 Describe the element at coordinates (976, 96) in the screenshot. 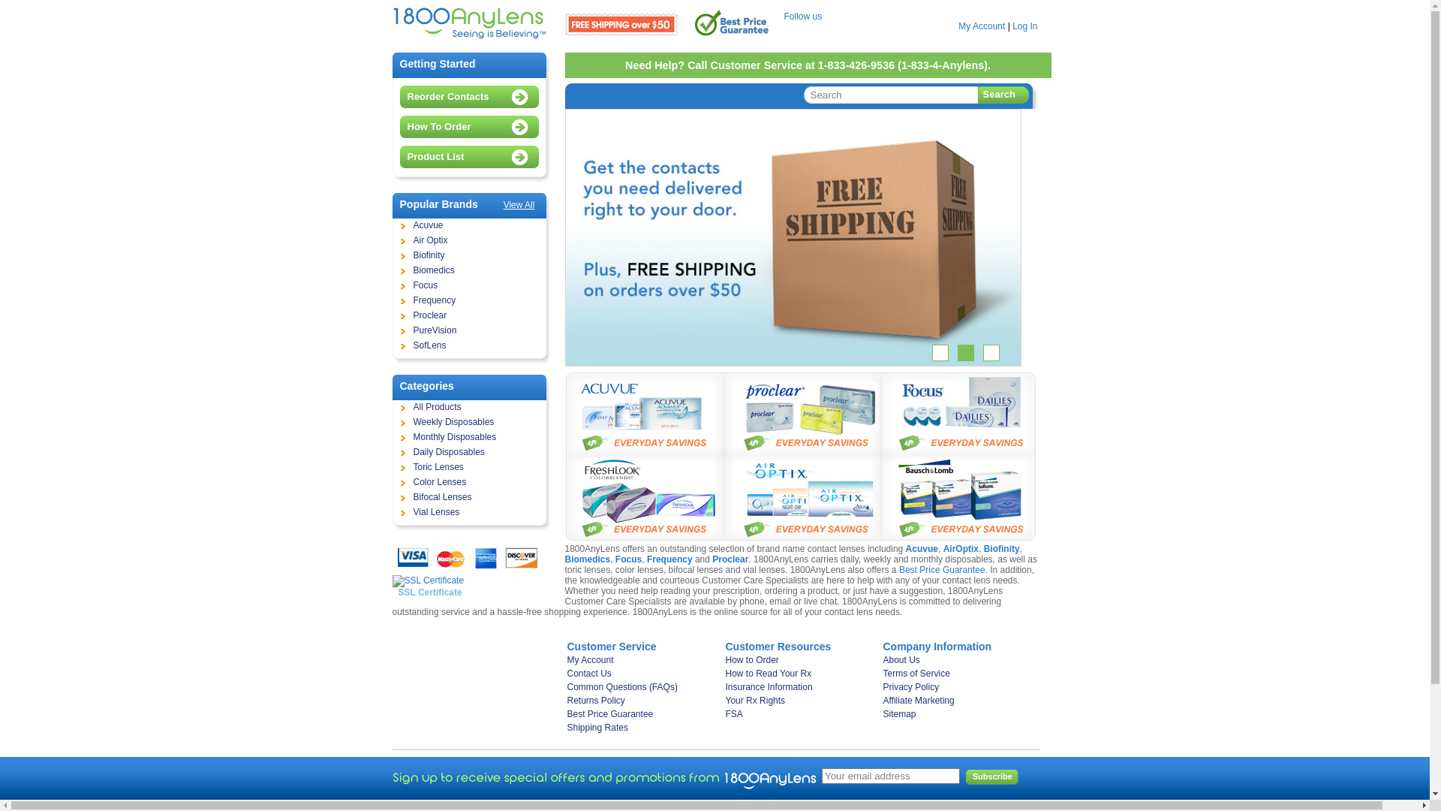

I see `'Search'` at that location.